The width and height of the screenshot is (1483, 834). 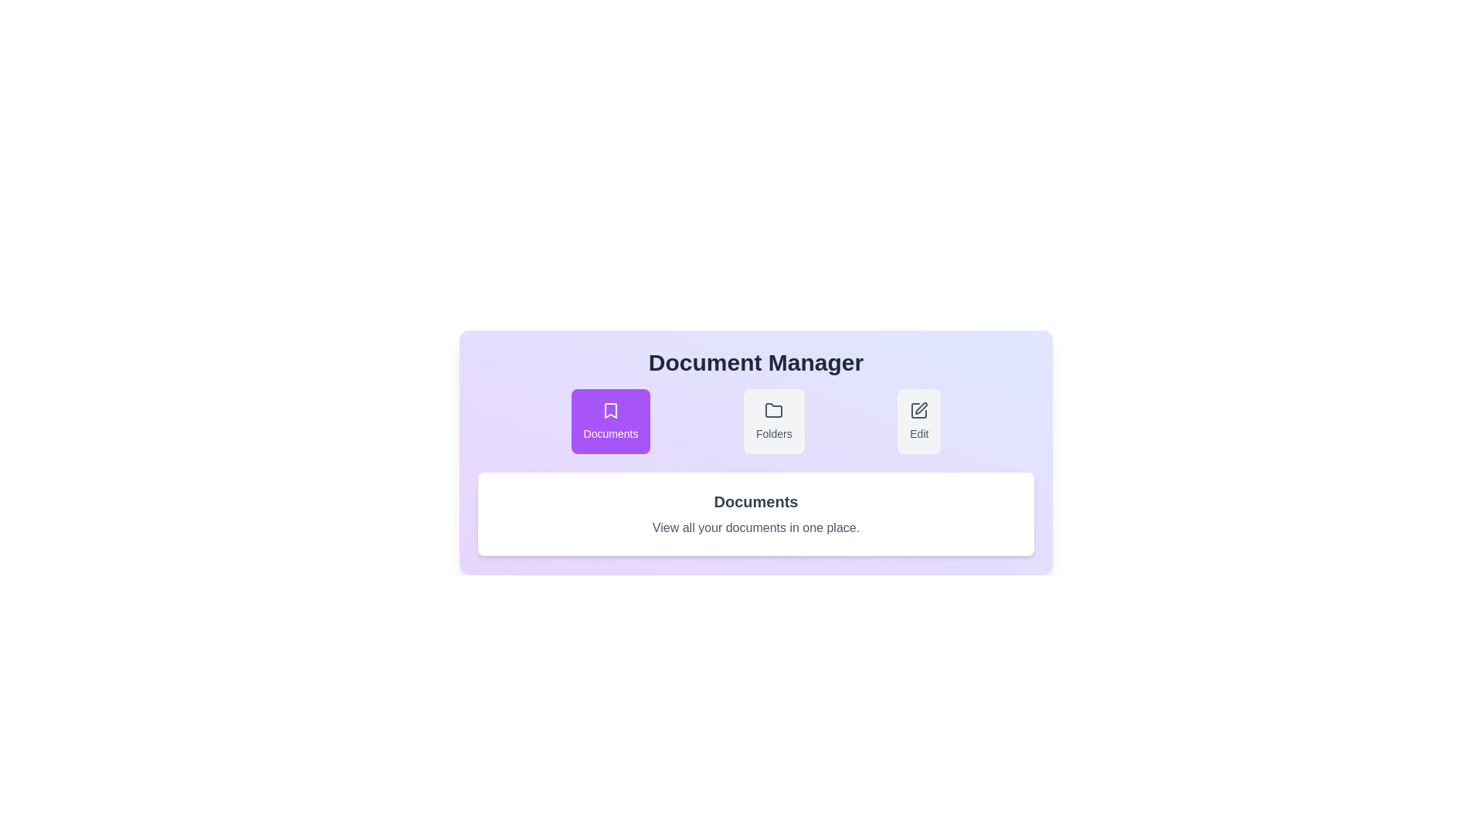 What do you see at coordinates (919, 410) in the screenshot?
I see `the pen icon over a square outline within the 'Edit' component` at bounding box center [919, 410].